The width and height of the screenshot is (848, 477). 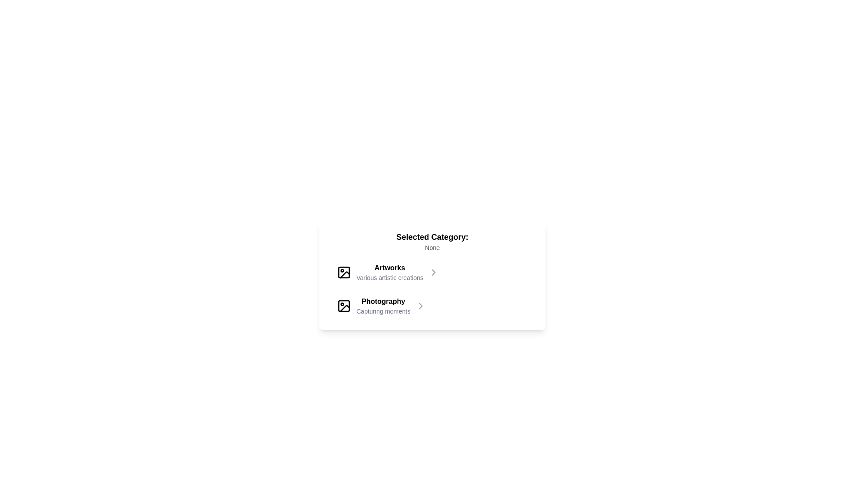 I want to click on the interactive list or menu containing categories located below the title 'Selected Category: None' to view the context menu, so click(x=432, y=289).